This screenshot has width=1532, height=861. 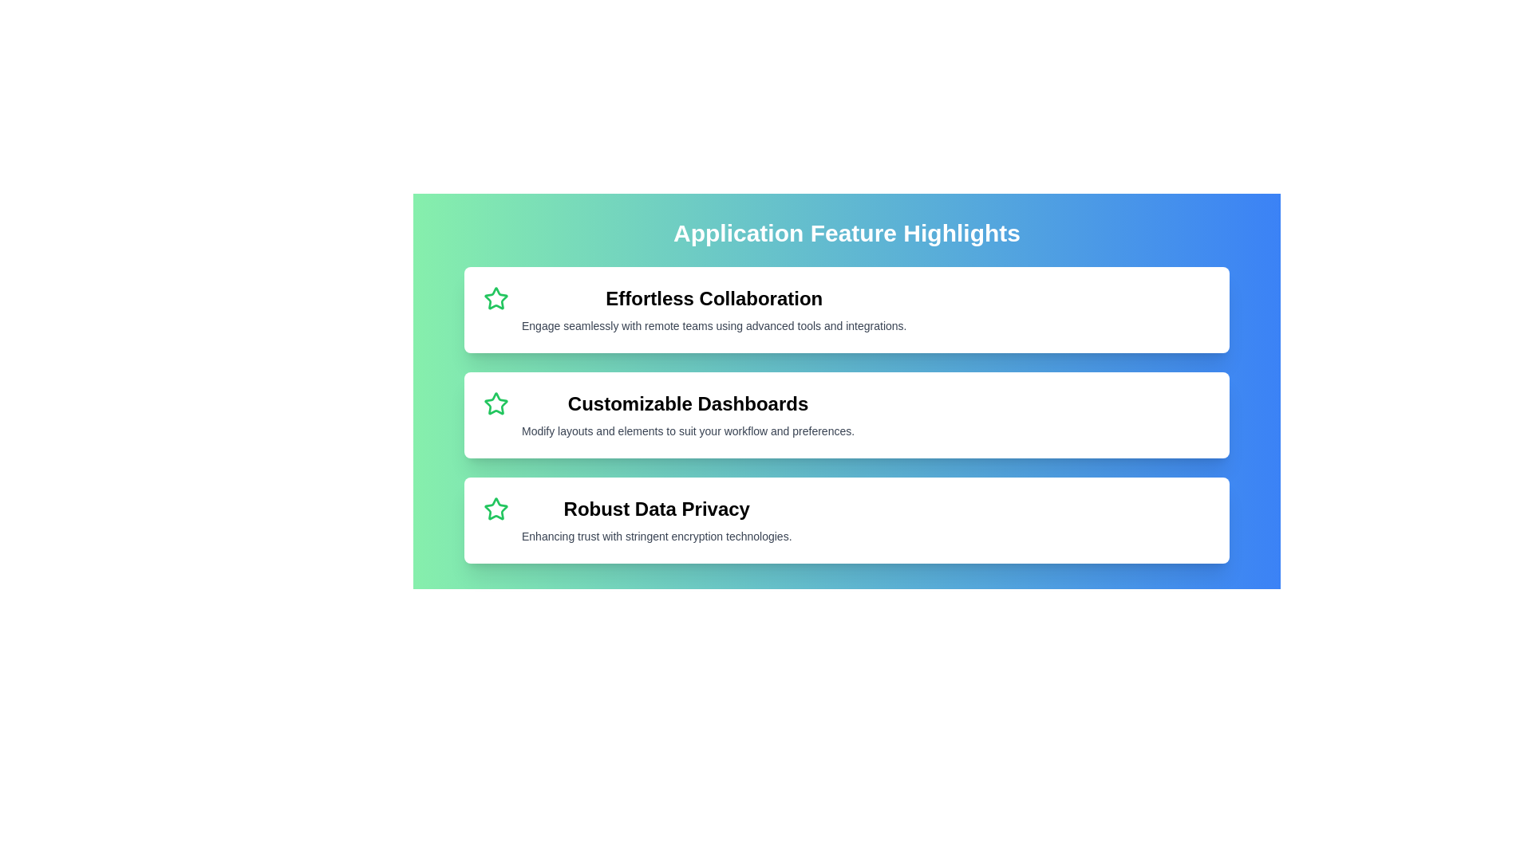 I want to click on descriptive text located beneath the bold heading 'Robust Data Privacy' in the third section of the feature highlight card, so click(x=657, y=536).